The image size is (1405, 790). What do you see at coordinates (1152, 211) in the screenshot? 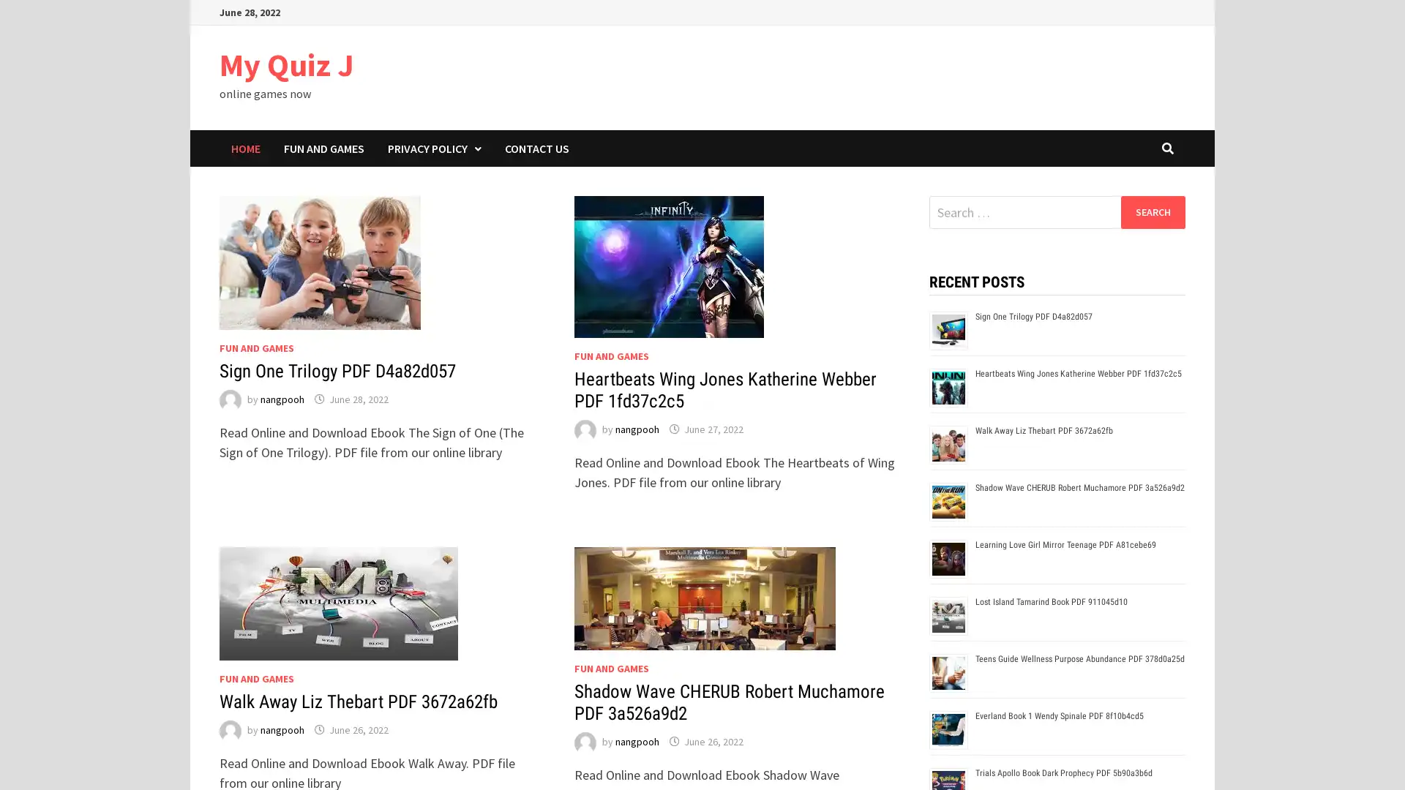
I see `Search` at bounding box center [1152, 211].